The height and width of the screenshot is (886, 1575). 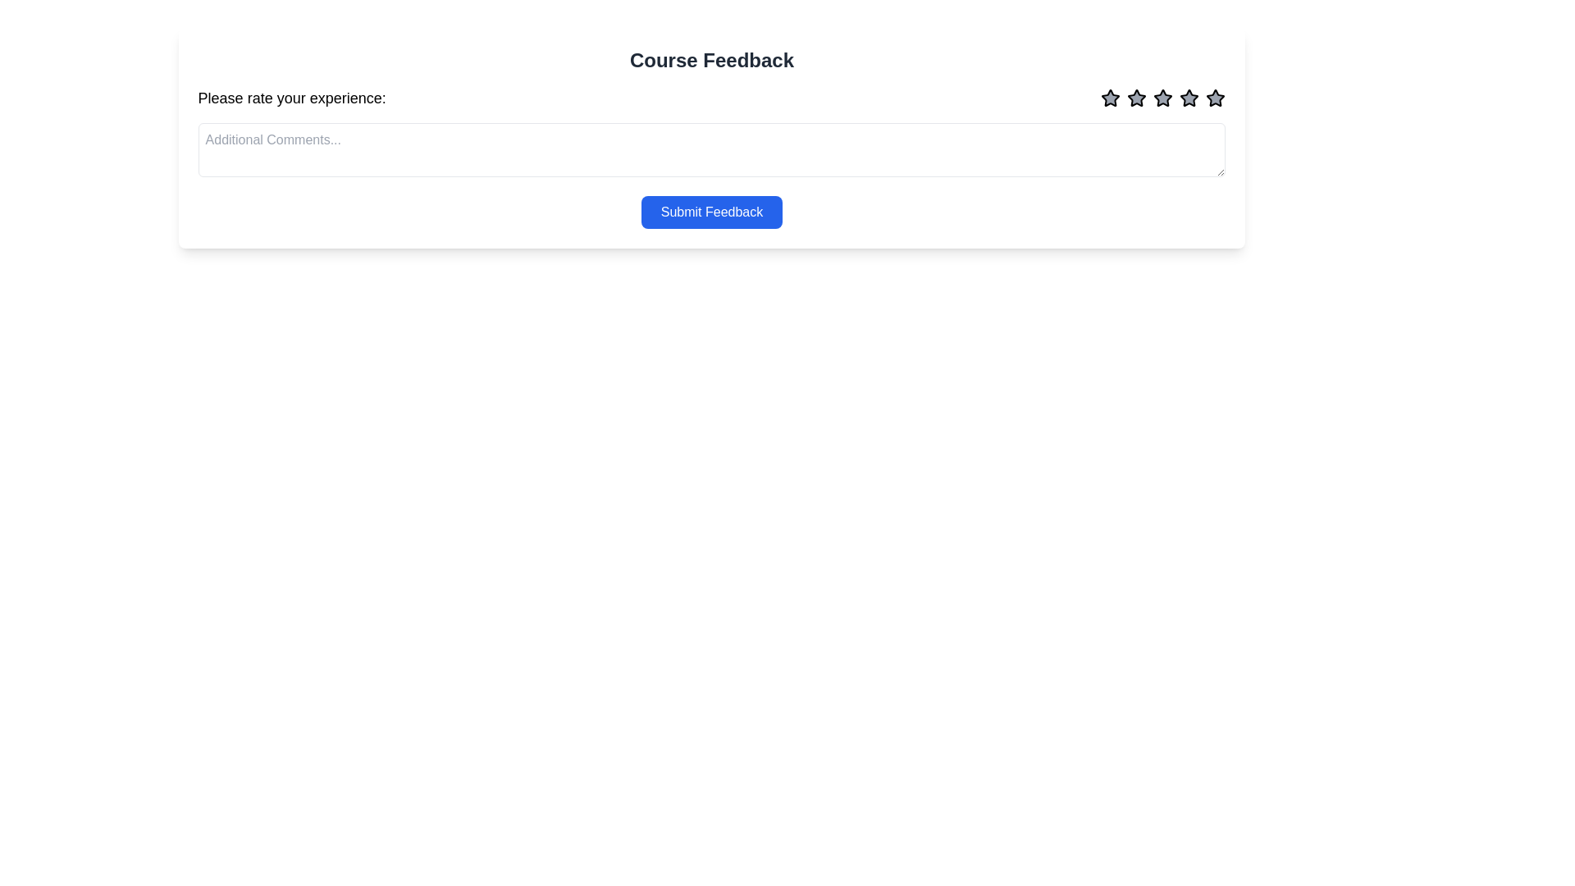 What do you see at coordinates (712, 59) in the screenshot?
I see `the prominent heading displaying 'Course Feedback' in dark gray color, which is positioned at the top of the content area` at bounding box center [712, 59].